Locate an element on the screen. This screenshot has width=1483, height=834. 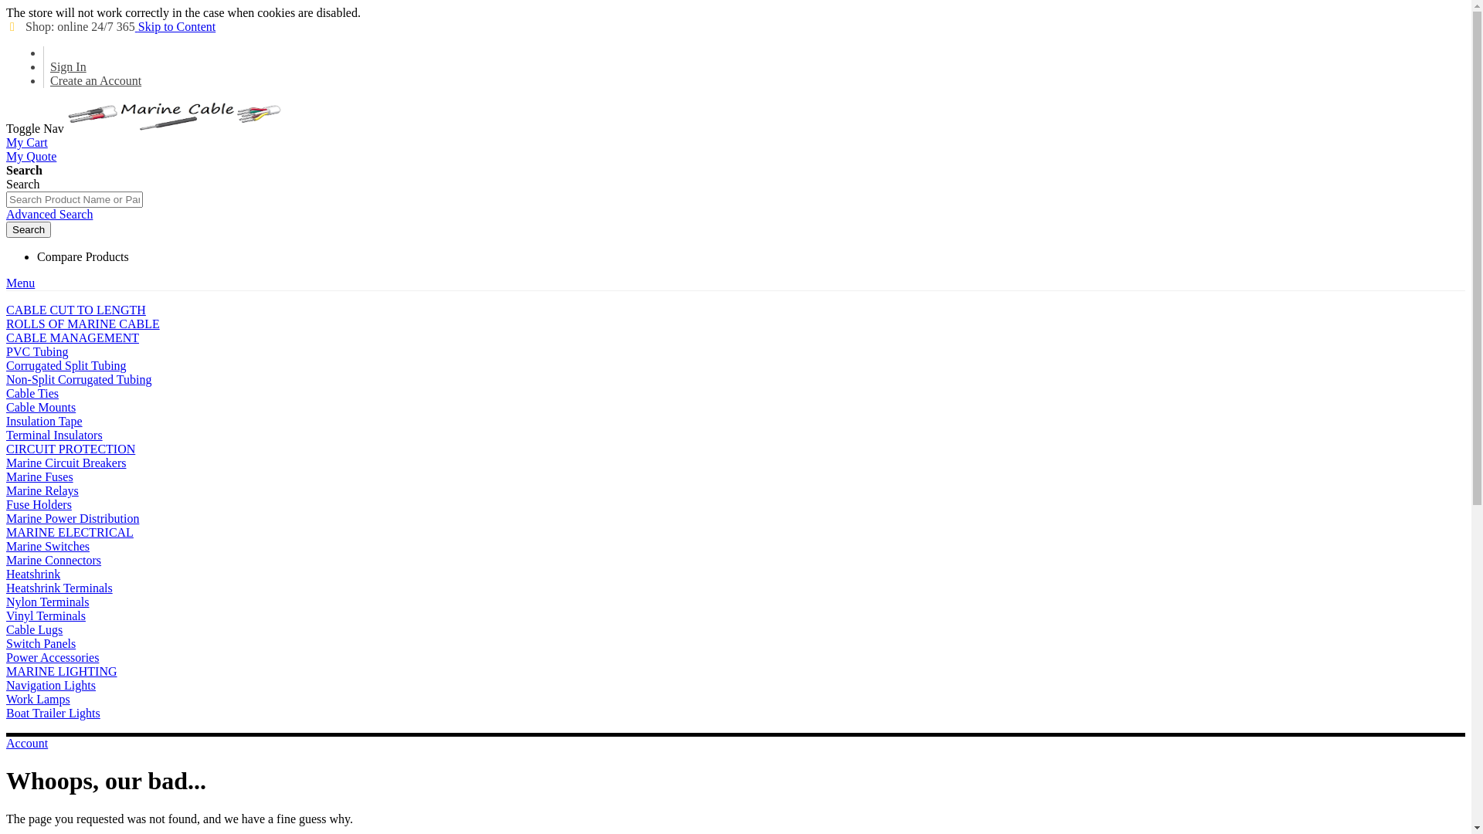
'Marine Relays' is located at coordinates (42, 490).